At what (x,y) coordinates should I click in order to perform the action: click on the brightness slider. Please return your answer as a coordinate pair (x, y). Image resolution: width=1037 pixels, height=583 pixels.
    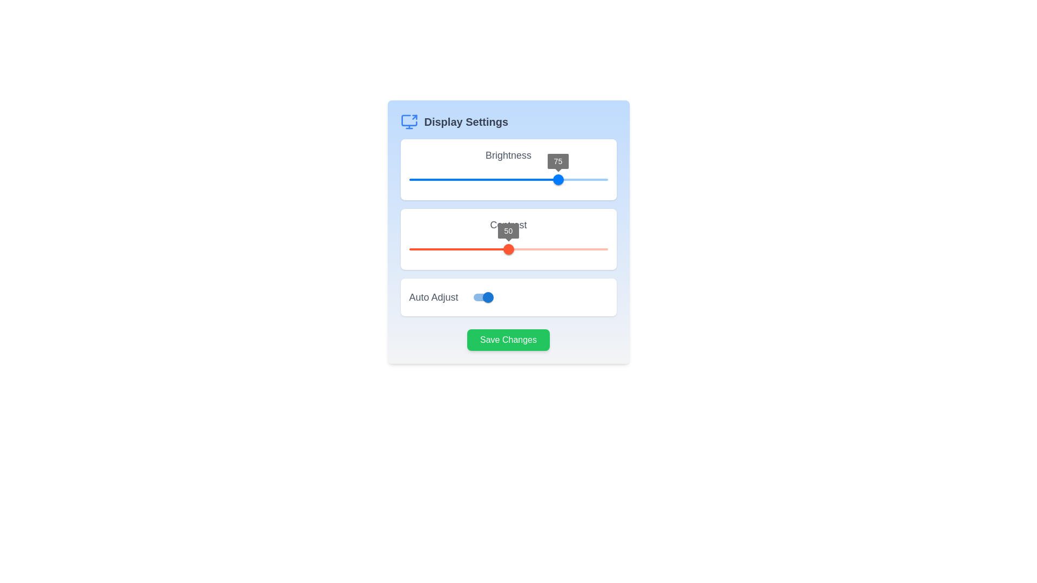
    Looking at the image, I should click on (426, 179).